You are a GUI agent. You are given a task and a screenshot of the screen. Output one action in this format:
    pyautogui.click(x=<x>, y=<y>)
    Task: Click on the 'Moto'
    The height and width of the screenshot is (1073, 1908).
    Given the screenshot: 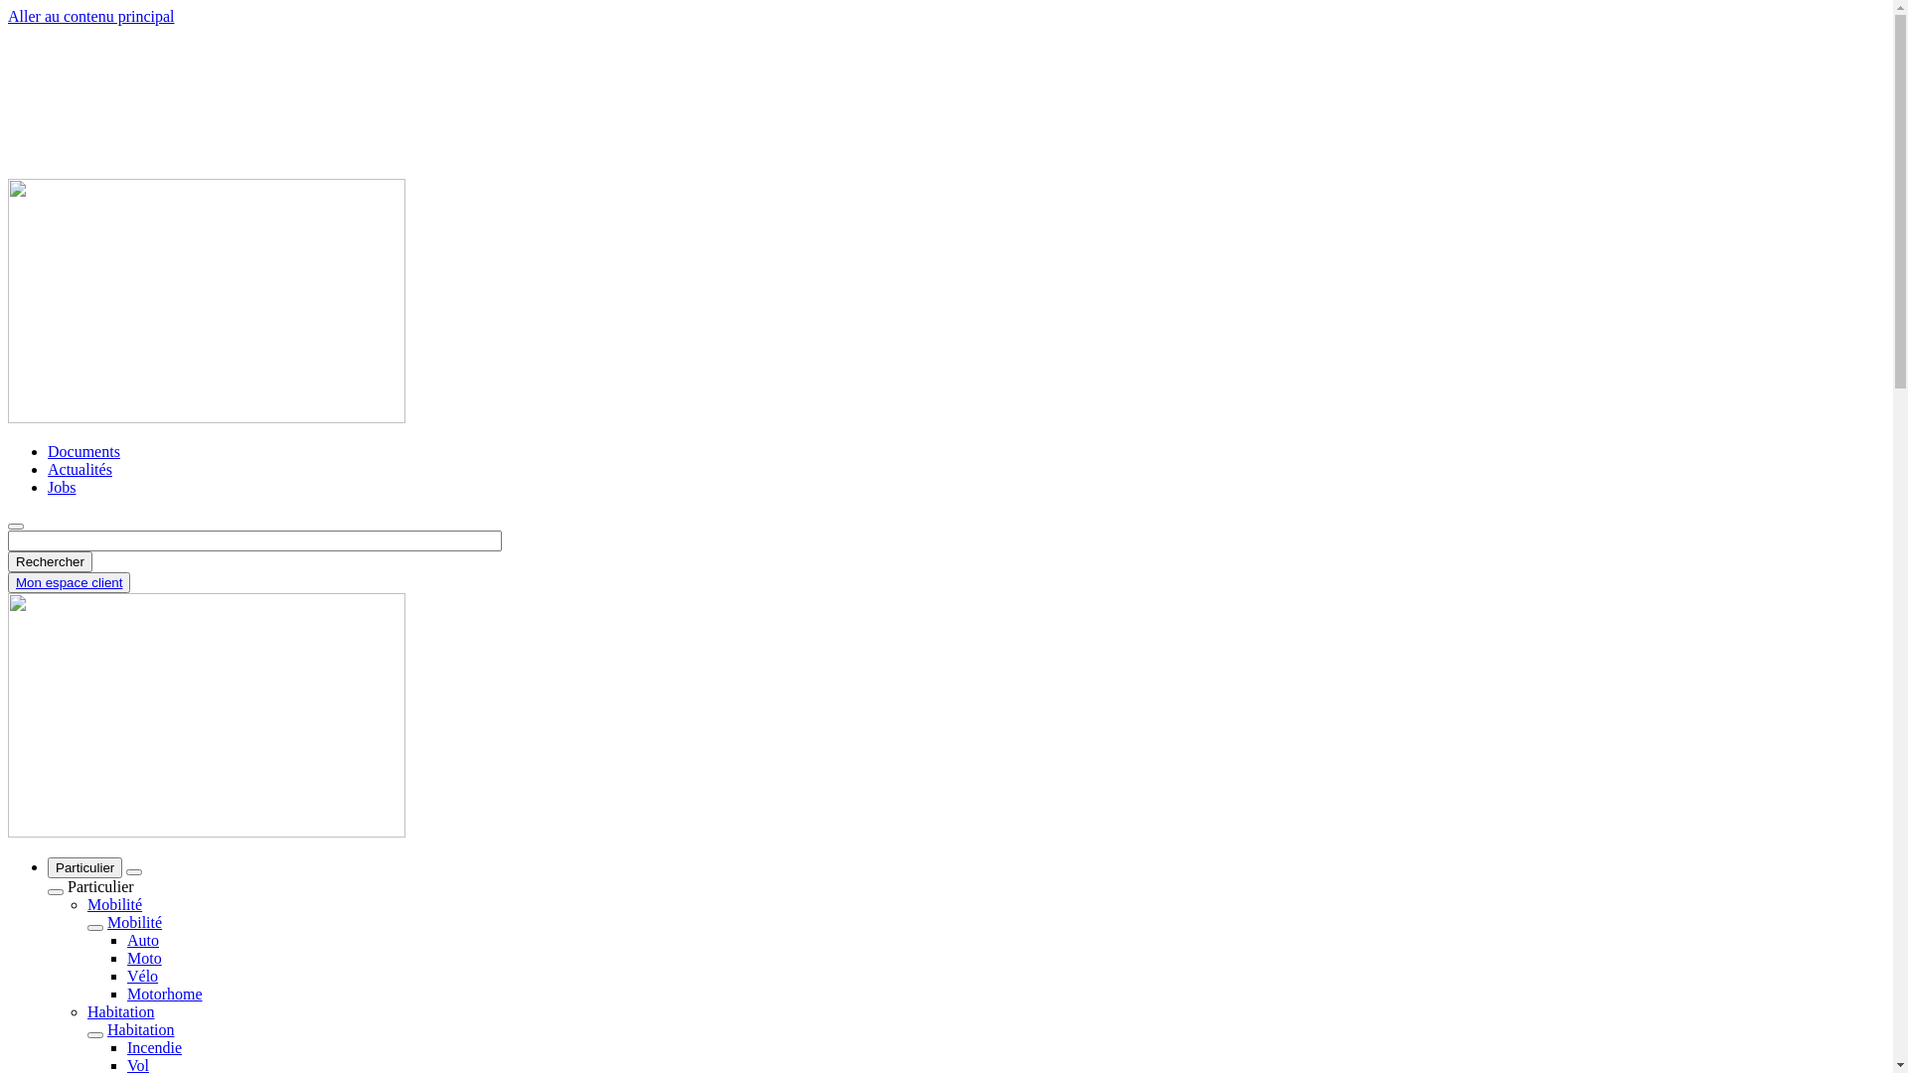 What is the action you would take?
    pyautogui.click(x=143, y=957)
    